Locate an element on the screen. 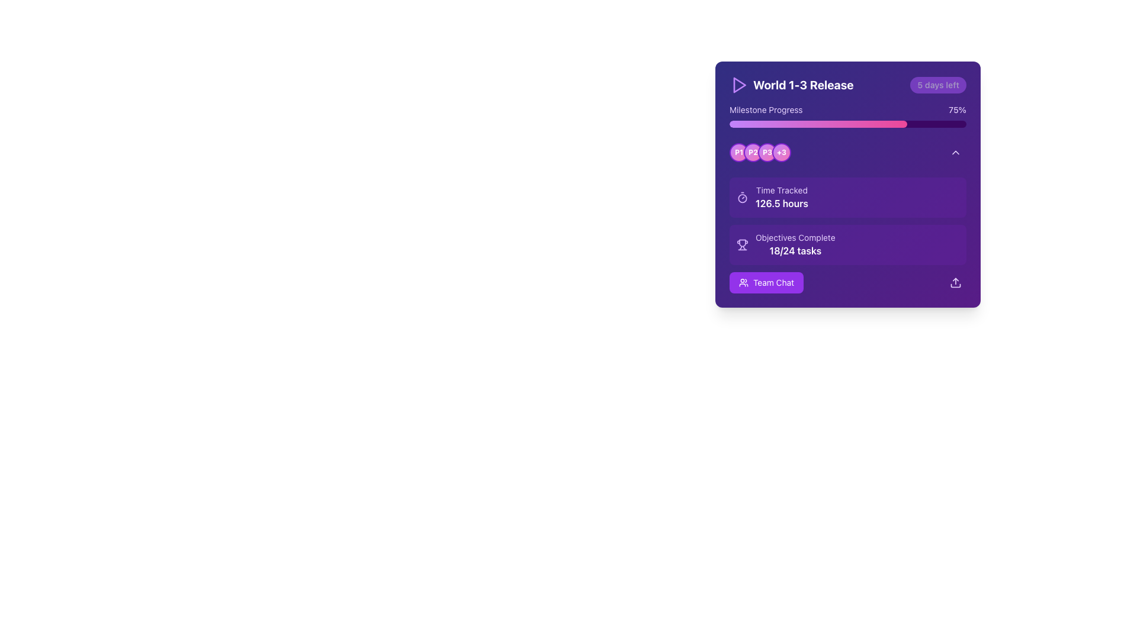 Image resolution: width=1137 pixels, height=639 pixels. the 'P3' badge, which serves as an identifier in a sequence of circular badges, located between the 'P2' badge and the '+3' badge is located at coordinates (767, 152).